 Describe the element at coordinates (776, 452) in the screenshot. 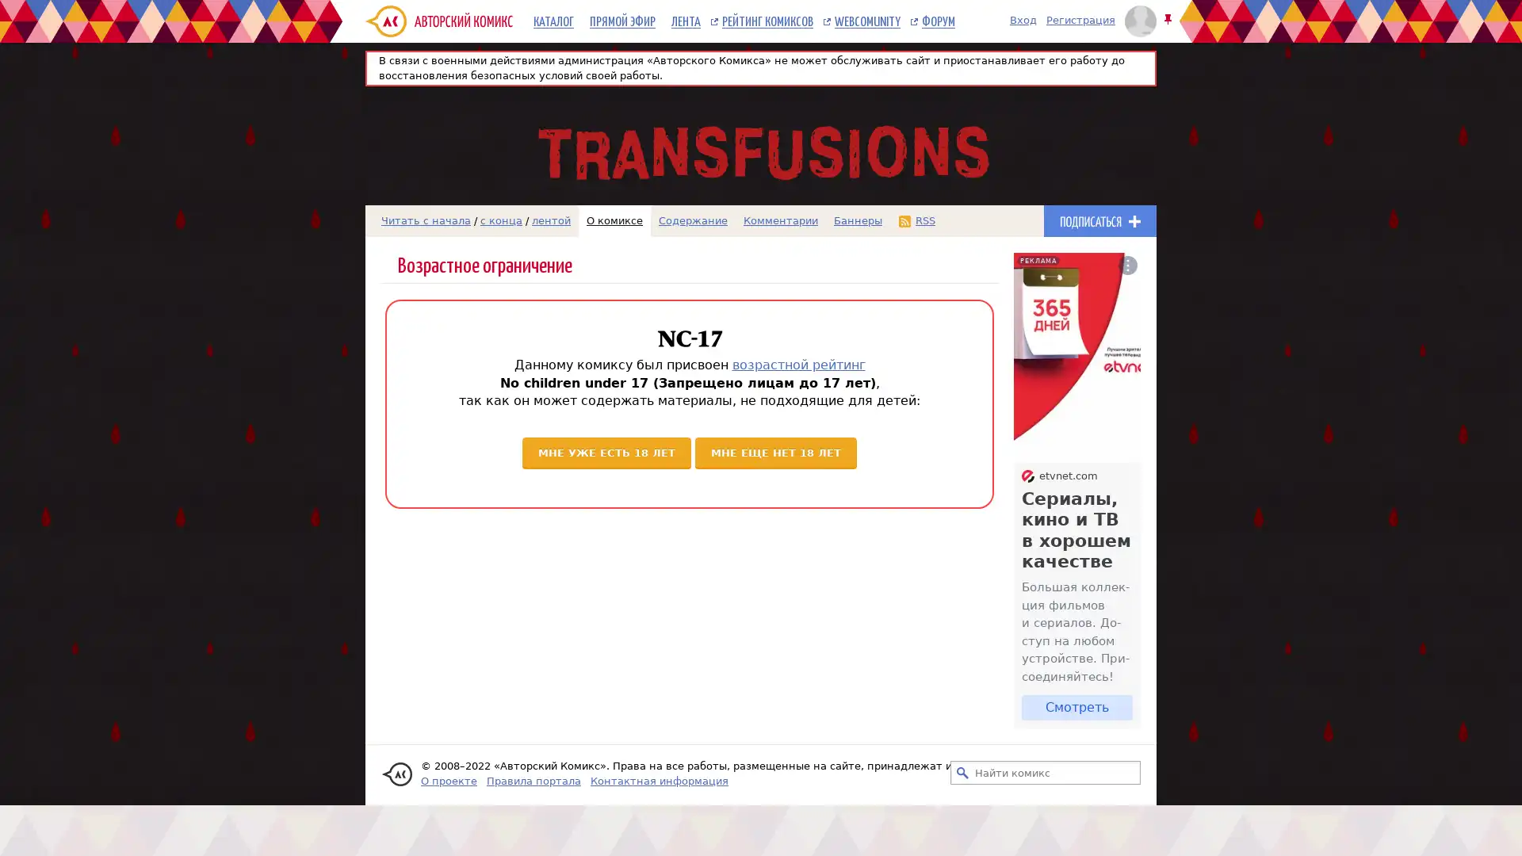

I see `18` at that location.